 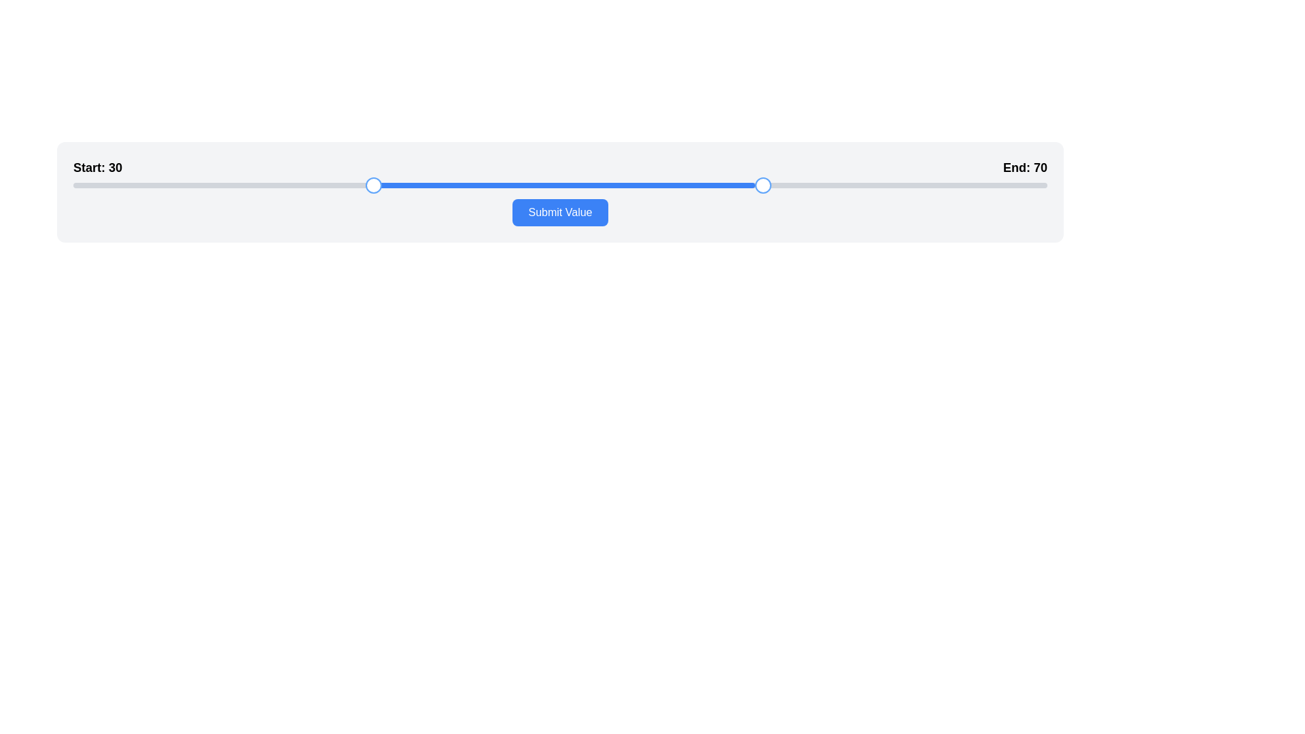 I want to click on the progress bar or range selector bar, which is a horizontal filled bar with blue coloration located within a gray rounded track, representing a range selection between two handles, so click(x=560, y=186).